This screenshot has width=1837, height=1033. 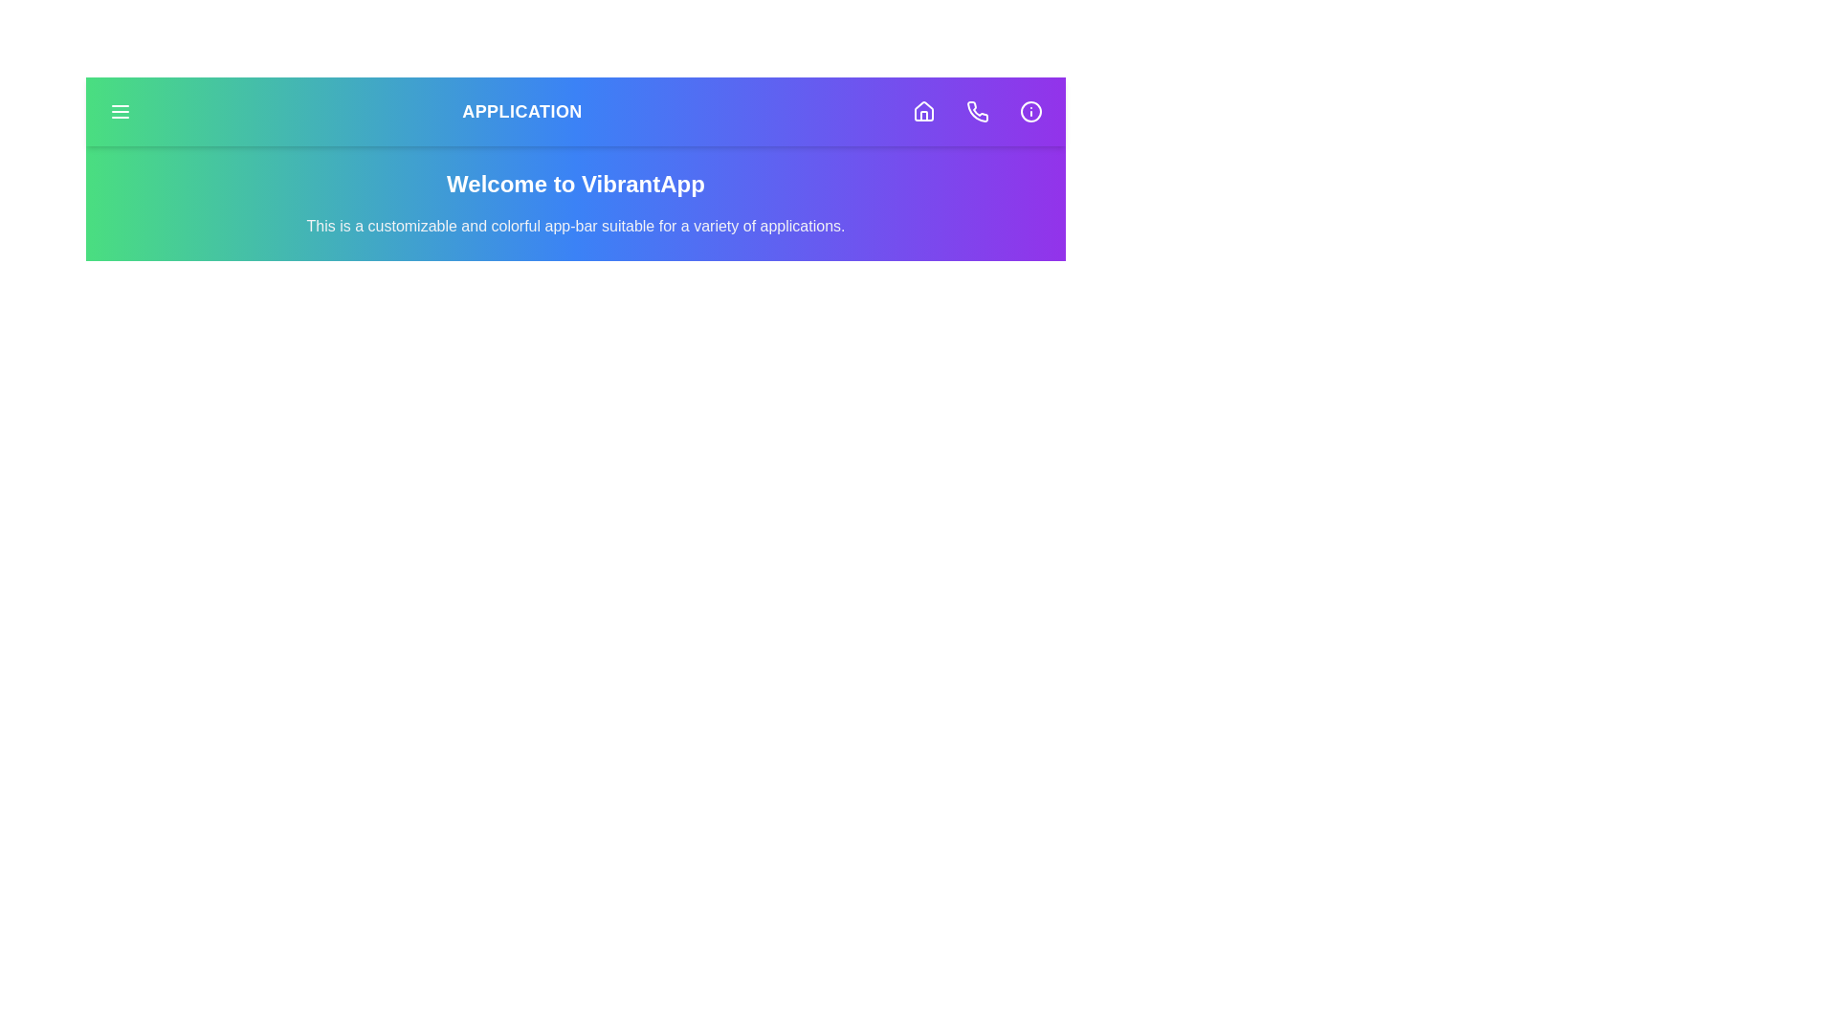 What do you see at coordinates (978, 111) in the screenshot?
I see `phone button in the navigation bar` at bounding box center [978, 111].